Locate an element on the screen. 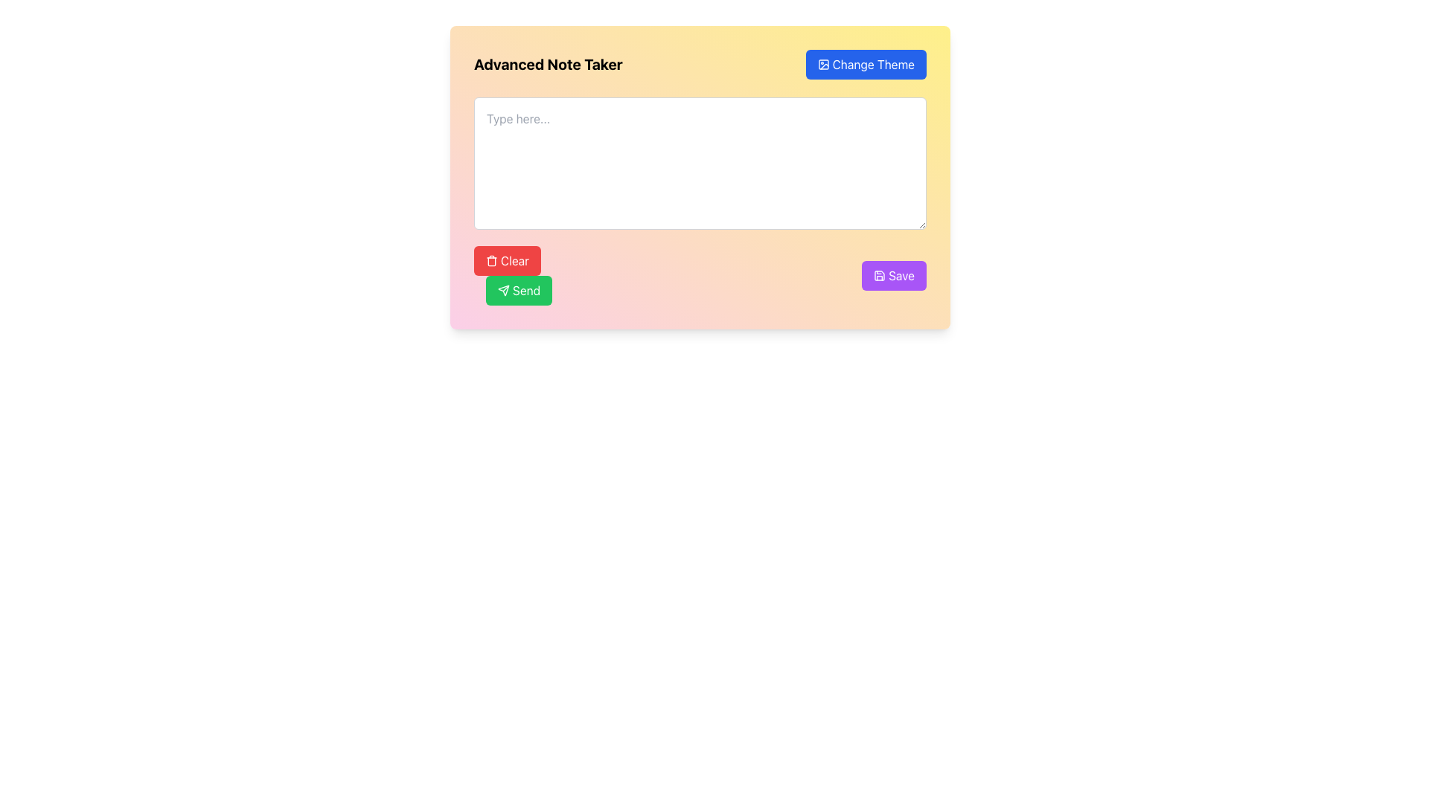 This screenshot has height=803, width=1429. the 'Send' icon, which is represented by a button located in the bottom-left corner of the panel, below the text input area is located at coordinates (503, 290).